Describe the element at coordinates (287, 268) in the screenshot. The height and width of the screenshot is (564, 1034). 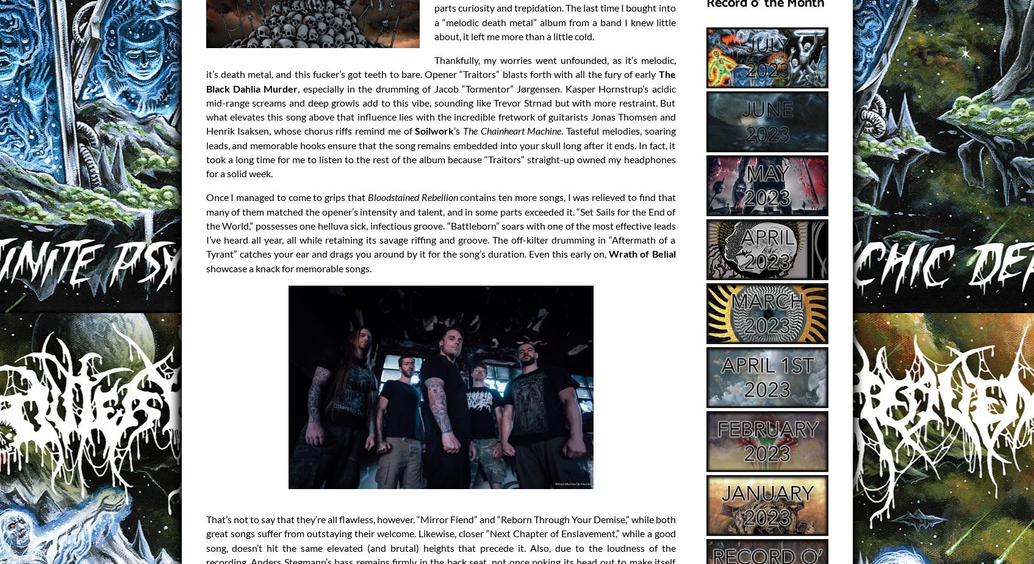
I see `'showcase a knack for memorable songs.'` at that location.